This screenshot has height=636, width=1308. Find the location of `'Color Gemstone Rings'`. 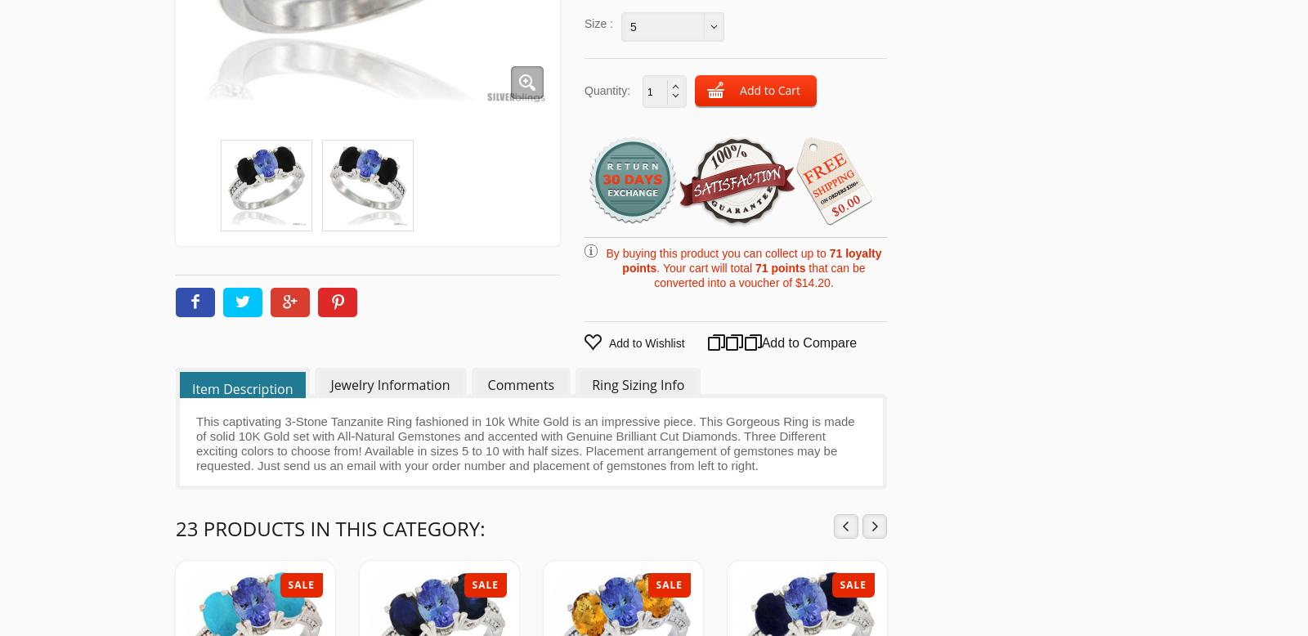

'Color Gemstone Rings' is located at coordinates (850, 12).